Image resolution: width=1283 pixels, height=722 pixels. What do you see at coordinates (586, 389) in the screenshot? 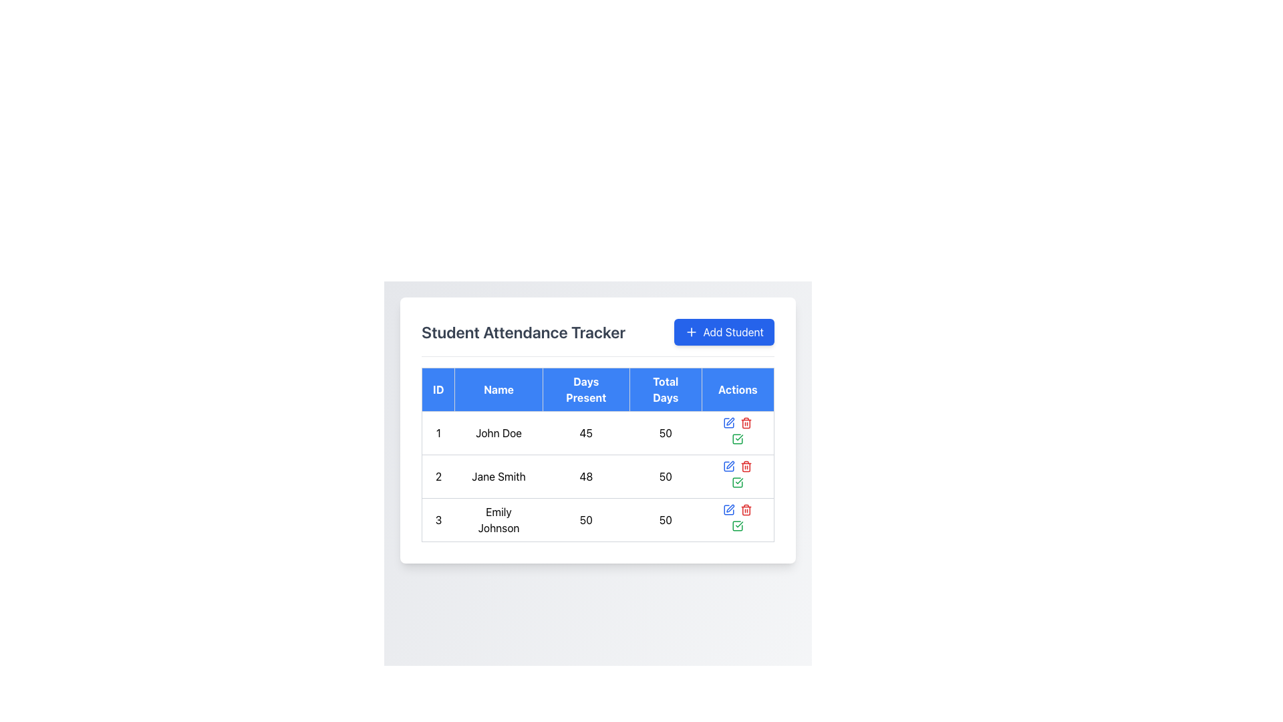
I see `the Table Header Column labeled 'Days Present' which has a blue background and white text, positioned in the header row of the Student Attendance Tracker table` at bounding box center [586, 389].